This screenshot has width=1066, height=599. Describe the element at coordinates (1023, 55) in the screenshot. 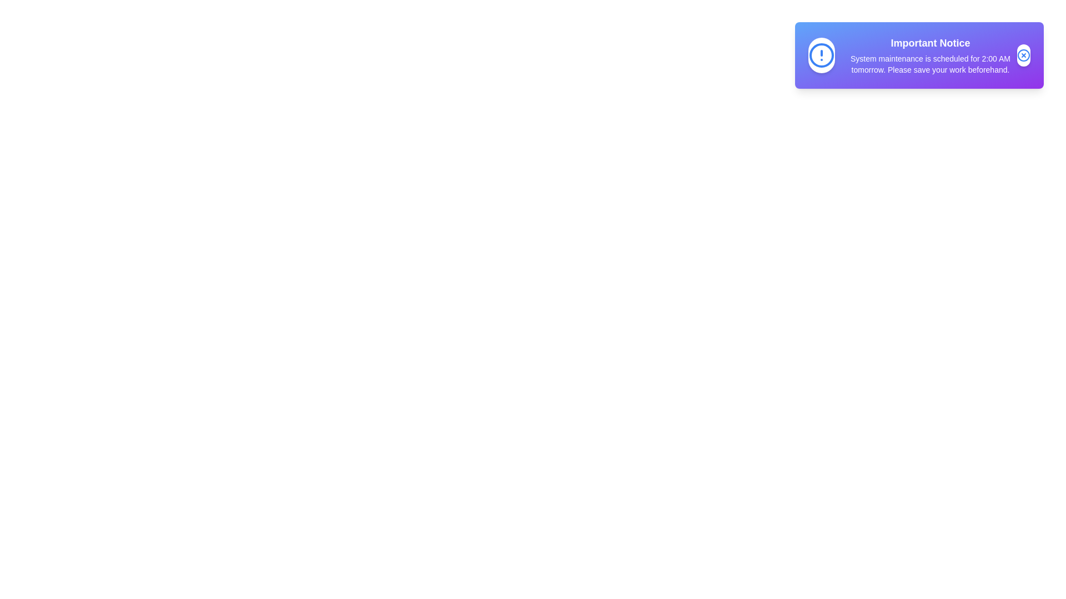

I see `the close button to dismiss the announcement` at that location.